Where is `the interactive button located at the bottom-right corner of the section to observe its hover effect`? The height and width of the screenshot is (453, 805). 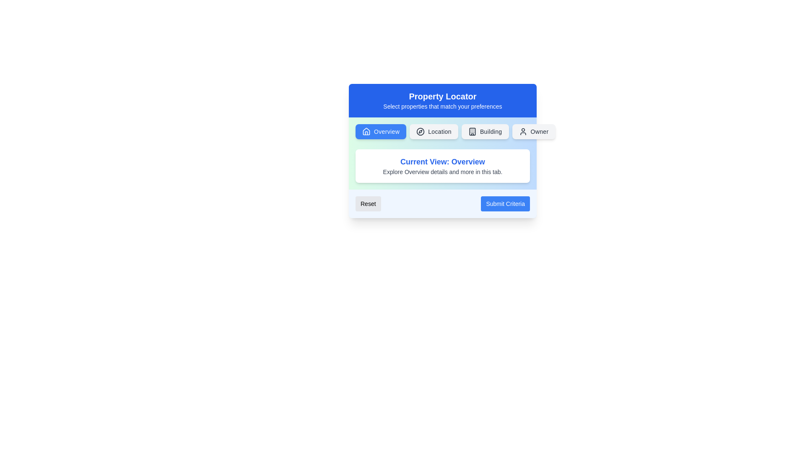 the interactive button located at the bottom-right corner of the section to observe its hover effect is located at coordinates (505, 204).